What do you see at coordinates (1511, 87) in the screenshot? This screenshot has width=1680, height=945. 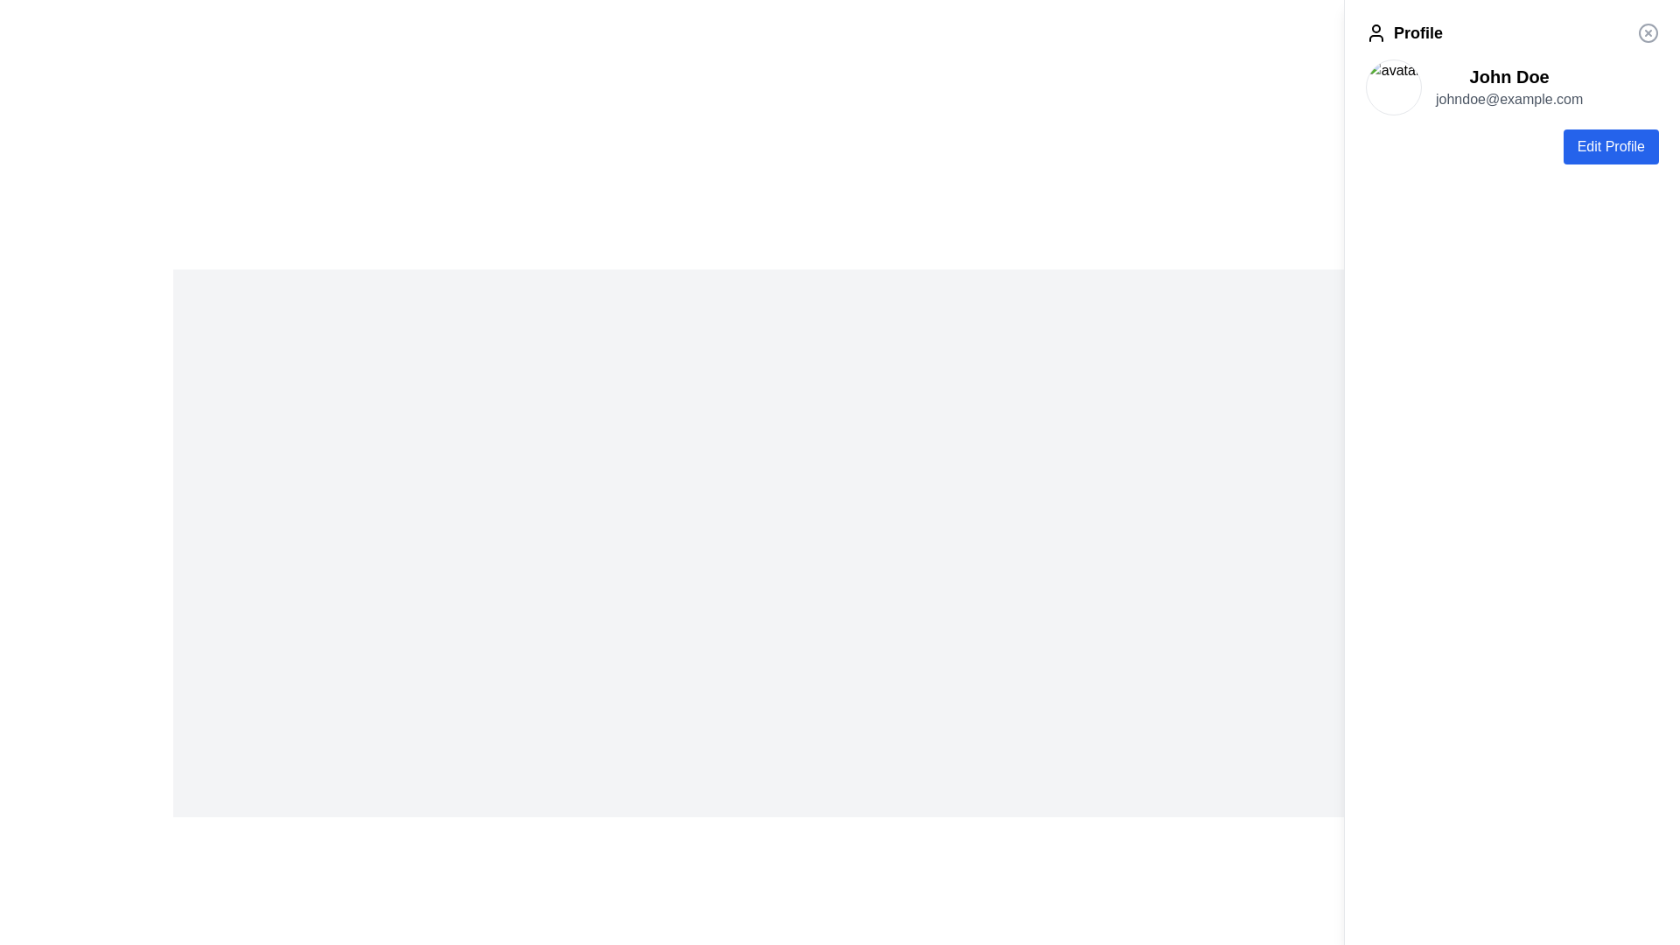 I see `the Profile information display located on the right sidebar, which is the third element from the top, presenting user profile details` at bounding box center [1511, 87].